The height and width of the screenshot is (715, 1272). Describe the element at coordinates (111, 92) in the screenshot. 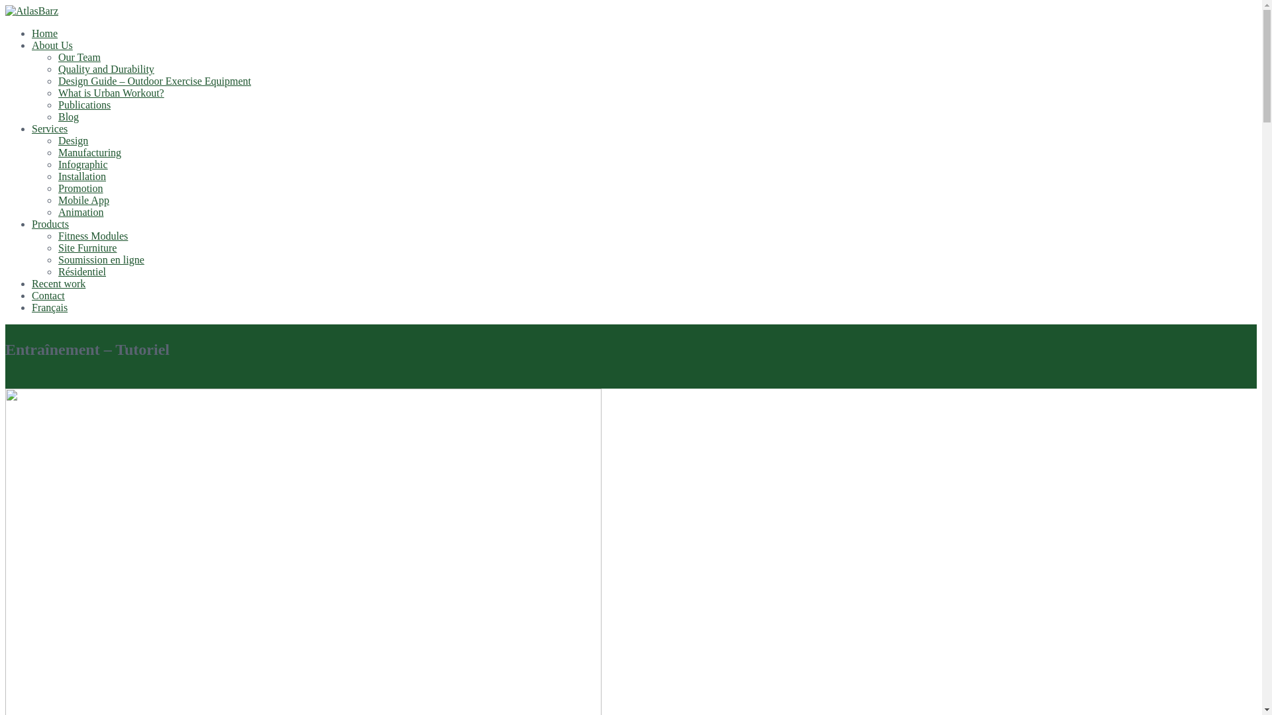

I see `'What is Urban Workout?'` at that location.